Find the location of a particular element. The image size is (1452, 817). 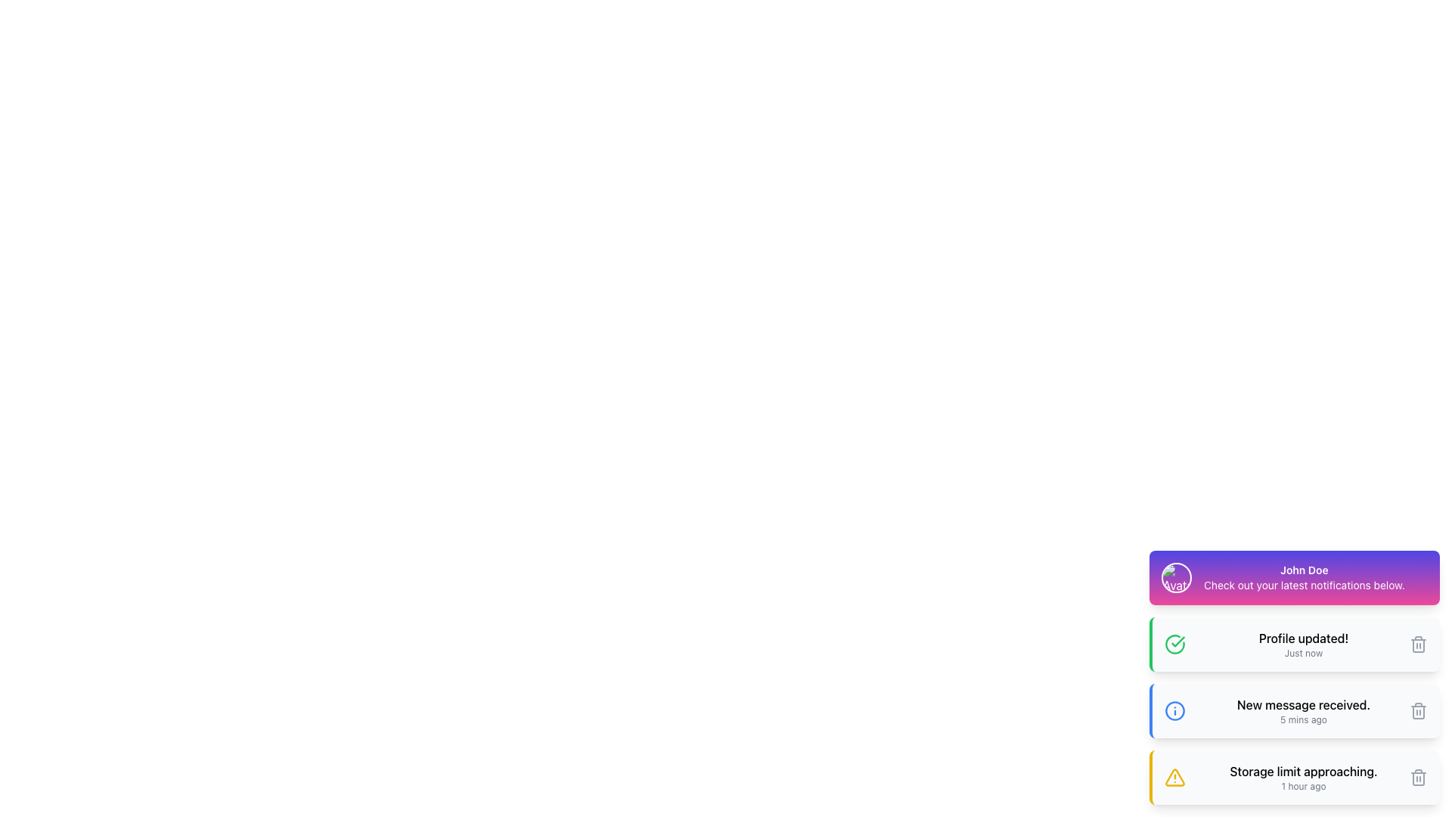

the timestamp '1 hour ago' in the notification card displaying 'Storage limit approaching.' is located at coordinates (1302, 778).